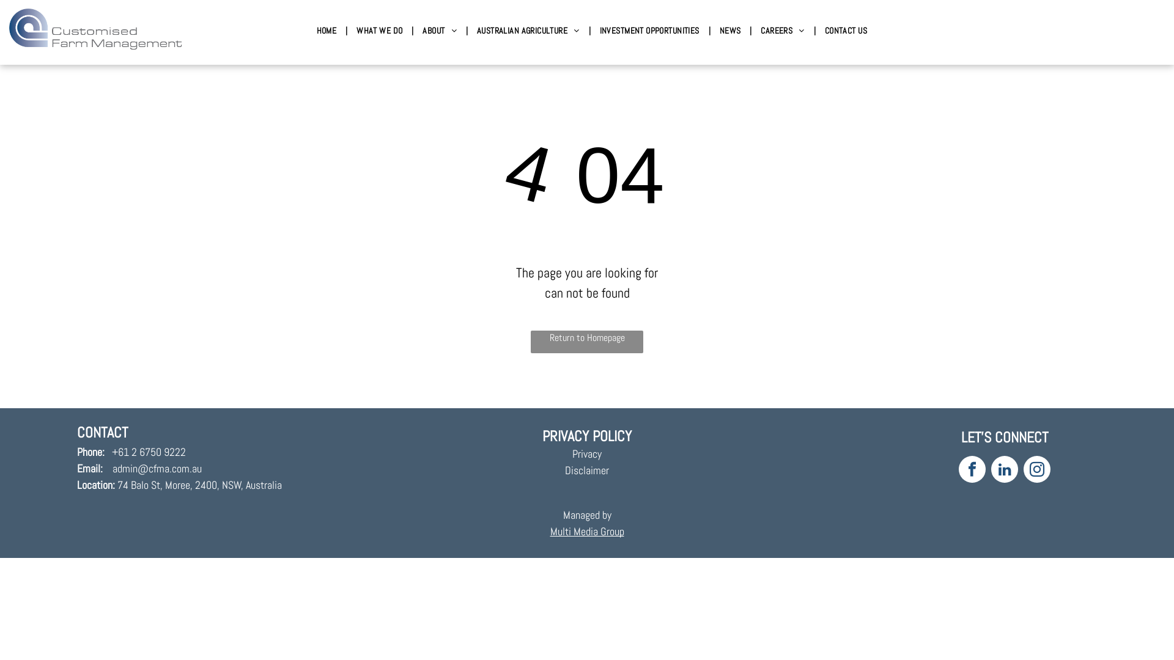 The width and height of the screenshot is (1174, 660). What do you see at coordinates (730, 31) in the screenshot?
I see `'NEWS'` at bounding box center [730, 31].